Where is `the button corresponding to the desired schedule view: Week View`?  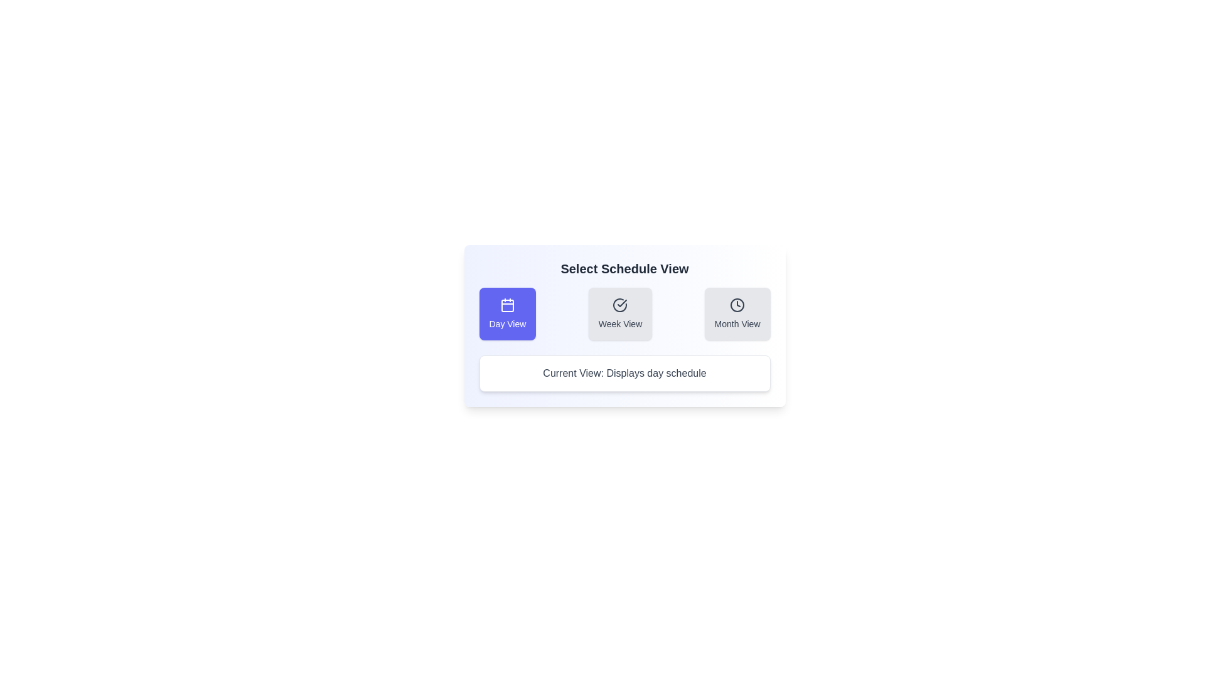 the button corresponding to the desired schedule view: Week View is located at coordinates (620, 313).